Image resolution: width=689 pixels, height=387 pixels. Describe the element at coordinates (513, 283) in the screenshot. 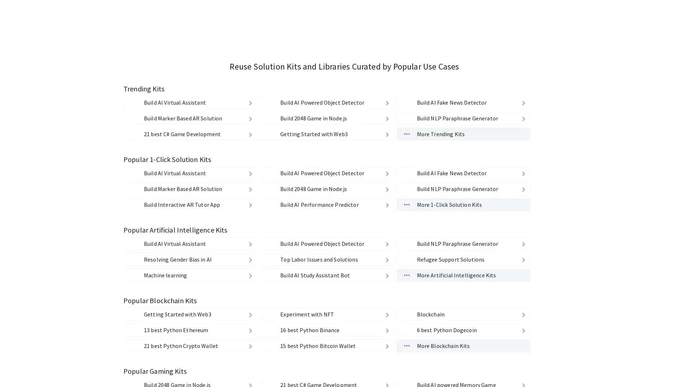

I see `delete` at that location.